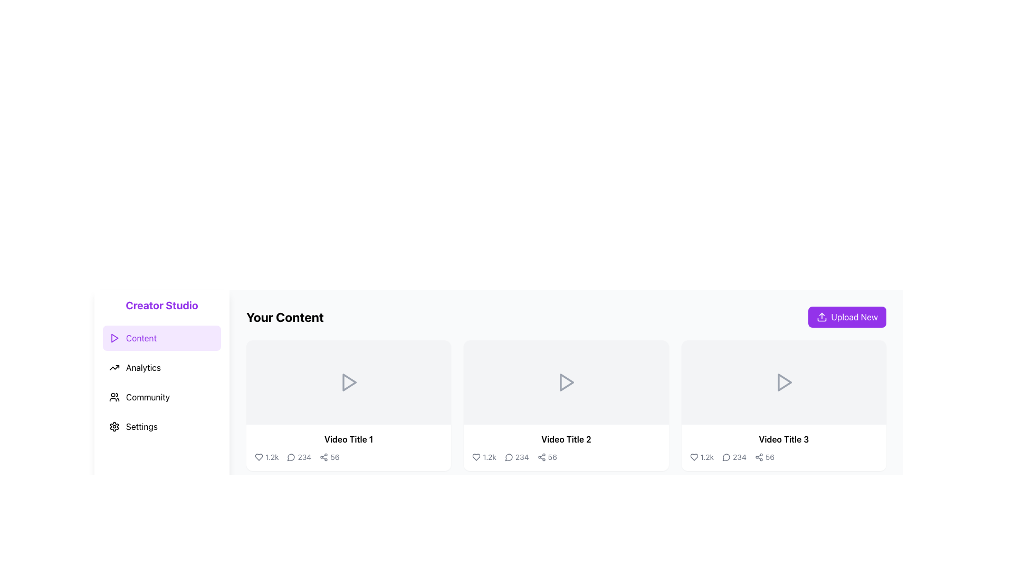 This screenshot has width=1013, height=569. Describe the element at coordinates (272, 456) in the screenshot. I see `the text display showing the number of likes for 'Video Title 1', which is located to the right of the heart icon and is the rightmost element in its group` at that location.